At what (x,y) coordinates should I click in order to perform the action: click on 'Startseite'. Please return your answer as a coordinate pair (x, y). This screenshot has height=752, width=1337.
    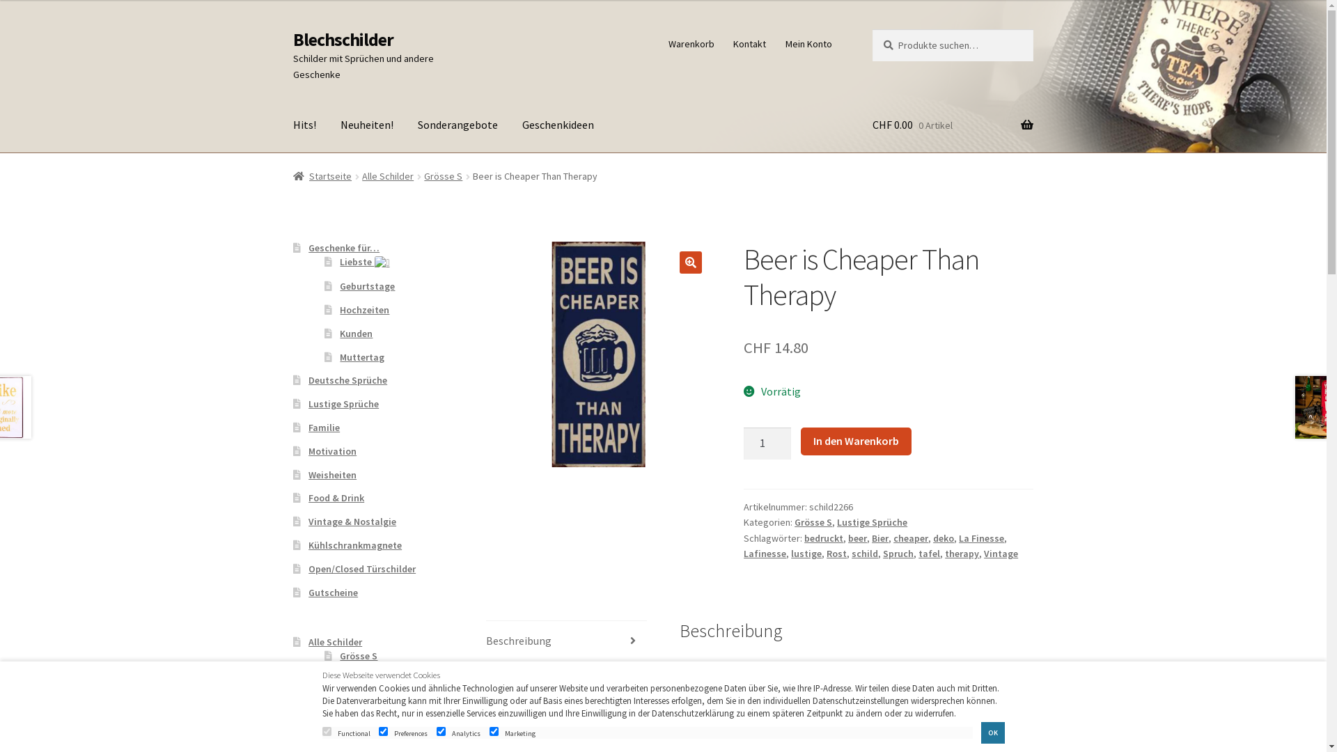
    Looking at the image, I should click on (322, 175).